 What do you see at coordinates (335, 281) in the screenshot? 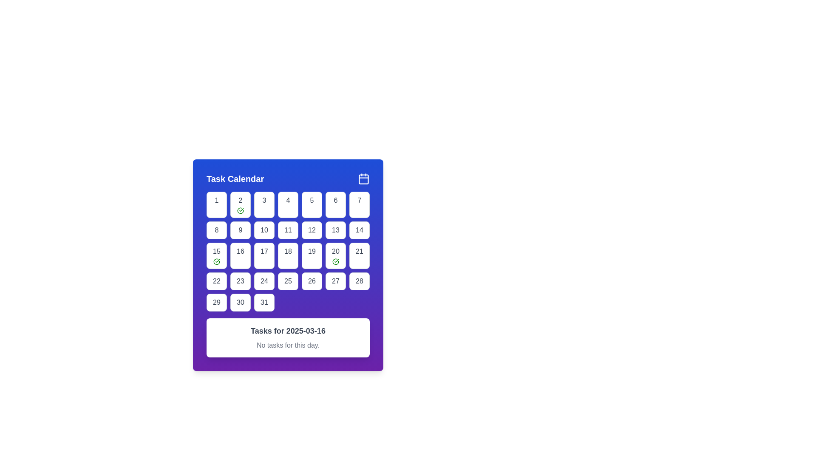
I see `the button representing the 27th day of the month in the date-picker component for keyboard interaction` at bounding box center [335, 281].